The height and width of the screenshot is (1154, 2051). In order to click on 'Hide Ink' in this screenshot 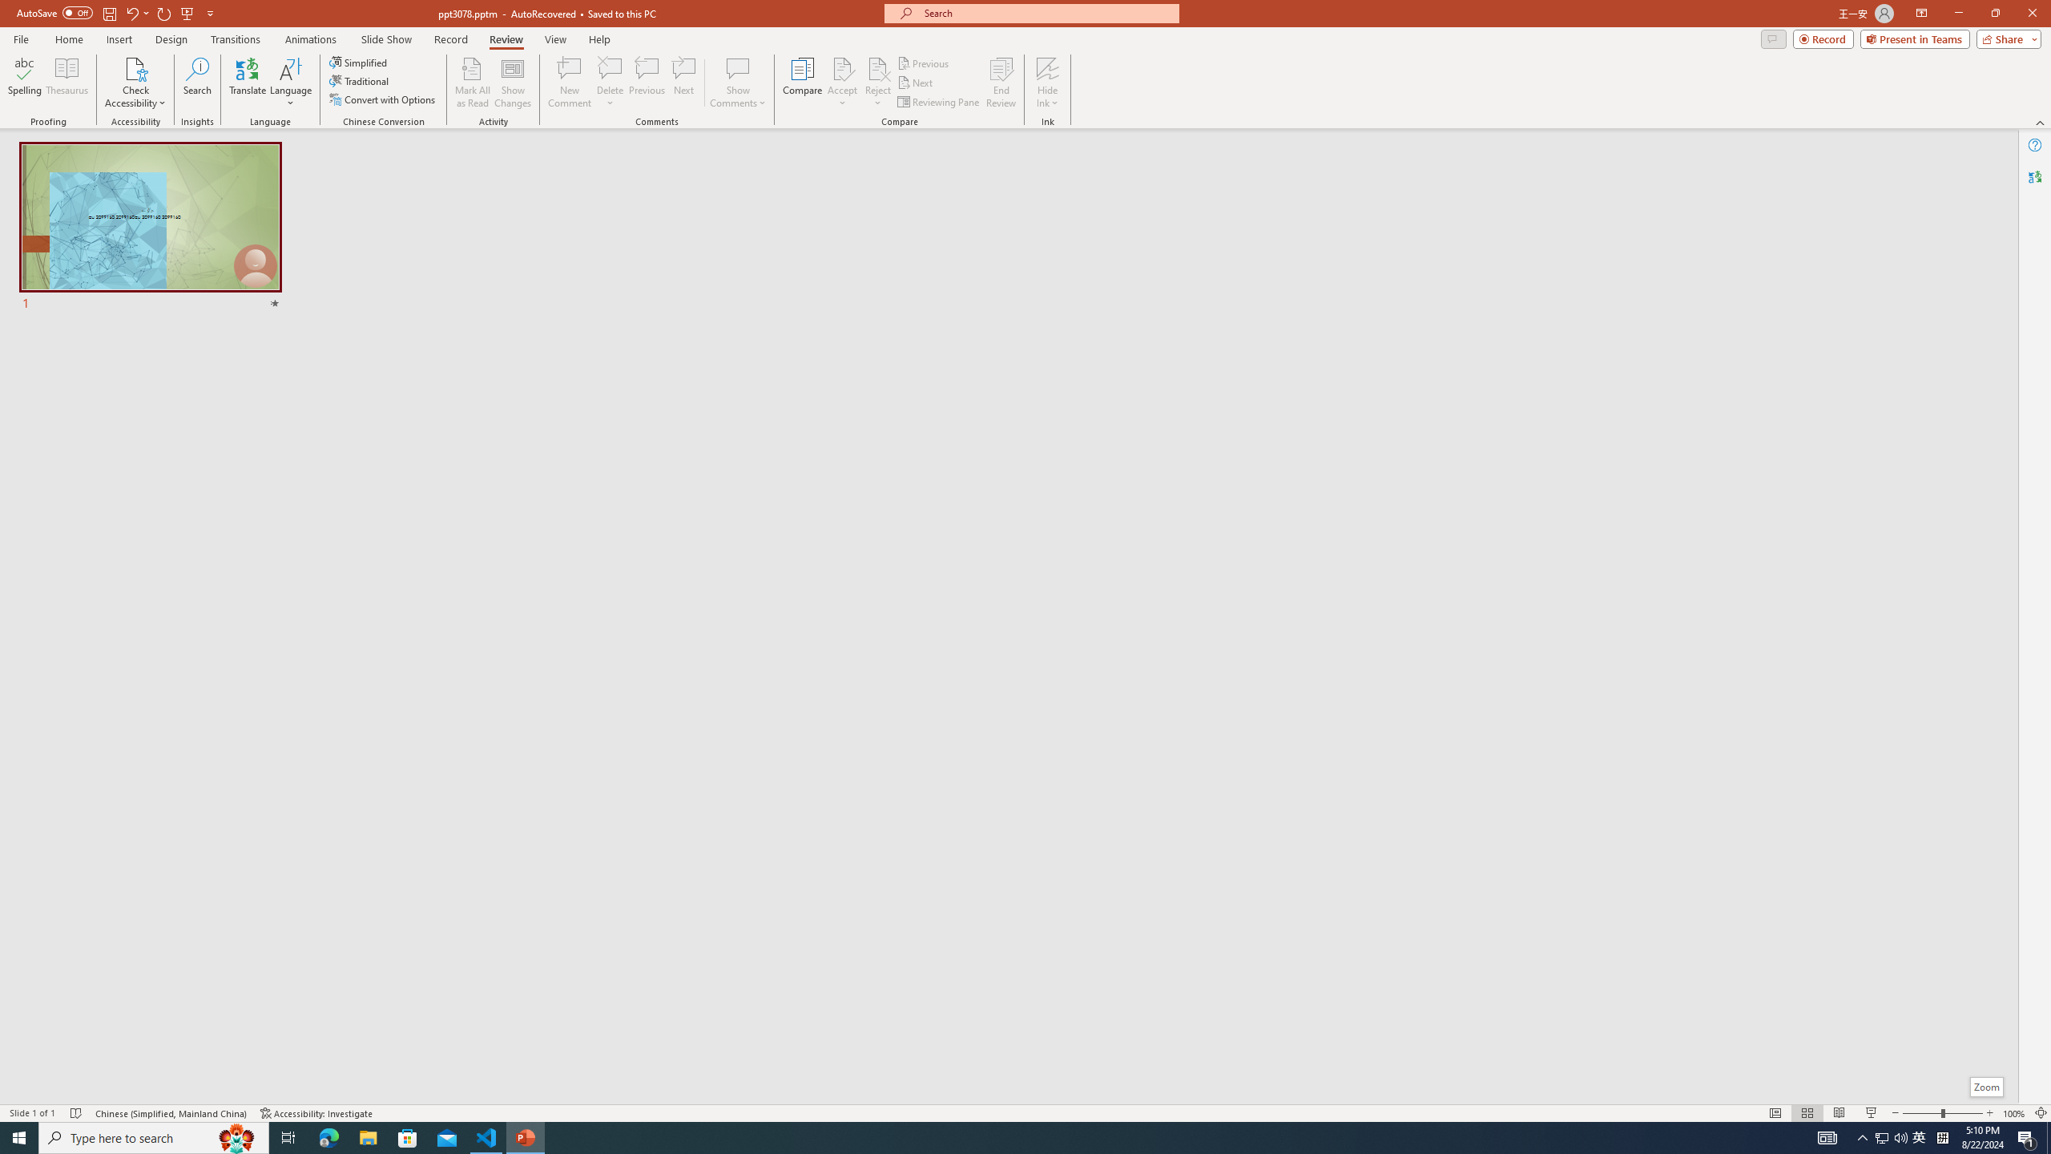, I will do `click(1048, 83)`.